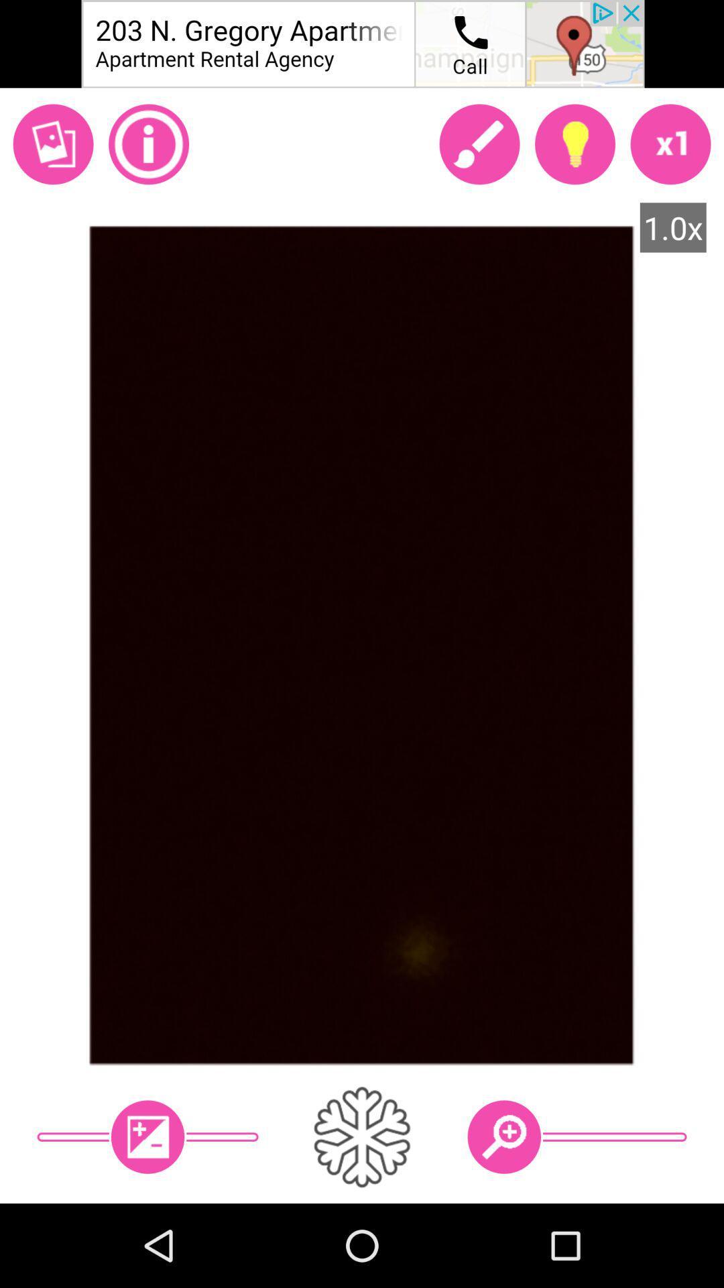  Describe the element at coordinates (479, 144) in the screenshot. I see `the edit icon` at that location.